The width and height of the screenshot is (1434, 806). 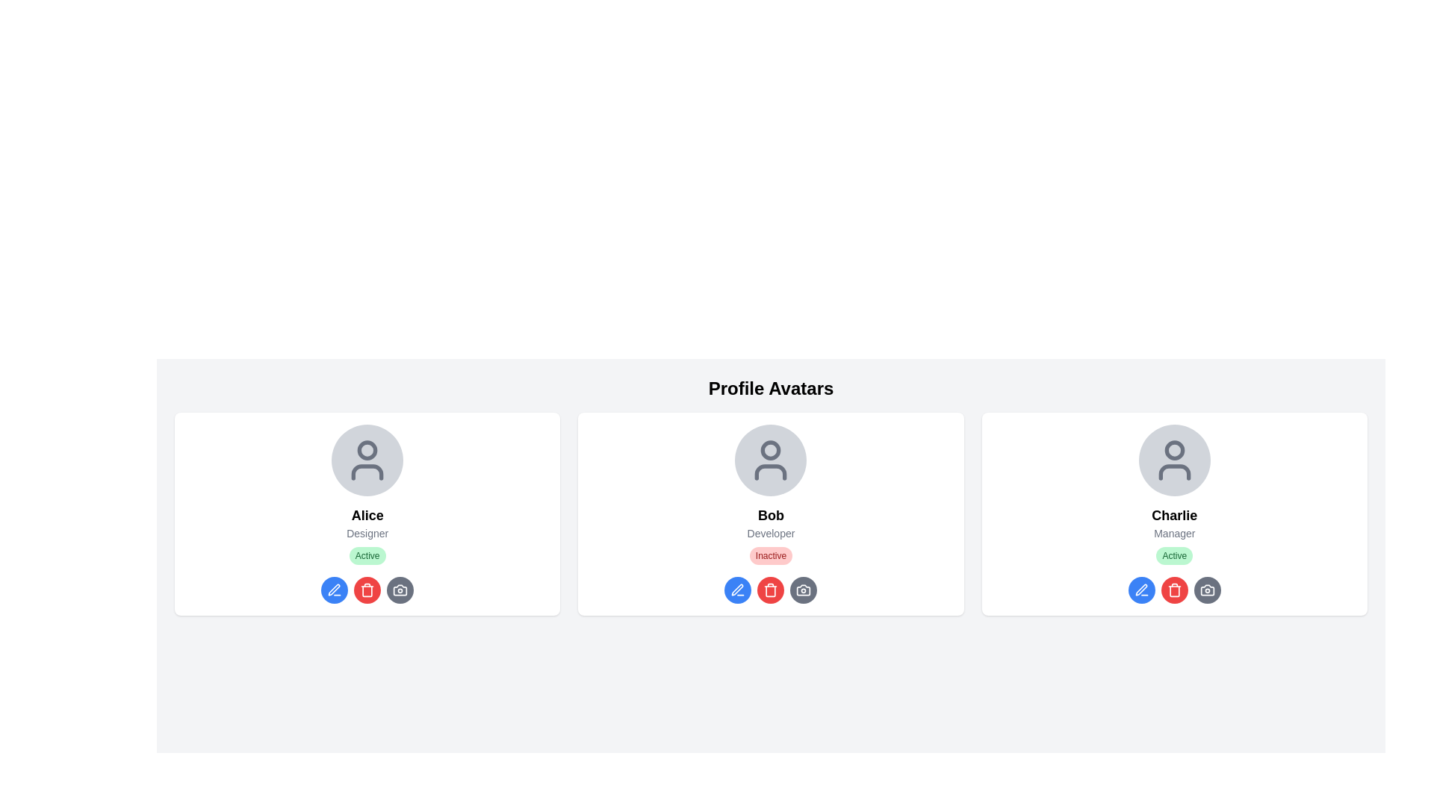 What do you see at coordinates (1140, 589) in the screenshot?
I see `the edit button located at the bottom-left of Charlie's user profile, which is the first button in a horizontal row of three, to initiate editing` at bounding box center [1140, 589].